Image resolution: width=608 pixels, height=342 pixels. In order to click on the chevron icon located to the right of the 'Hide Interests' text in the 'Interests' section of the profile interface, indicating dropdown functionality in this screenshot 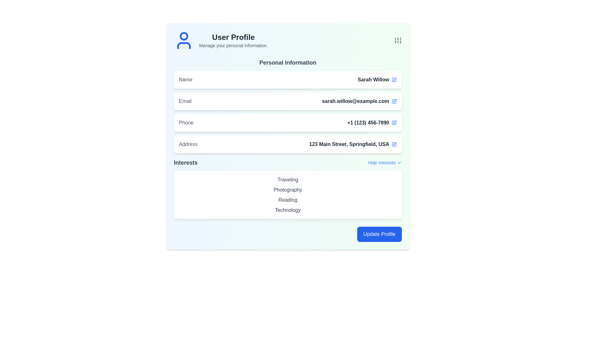, I will do `click(399, 162)`.